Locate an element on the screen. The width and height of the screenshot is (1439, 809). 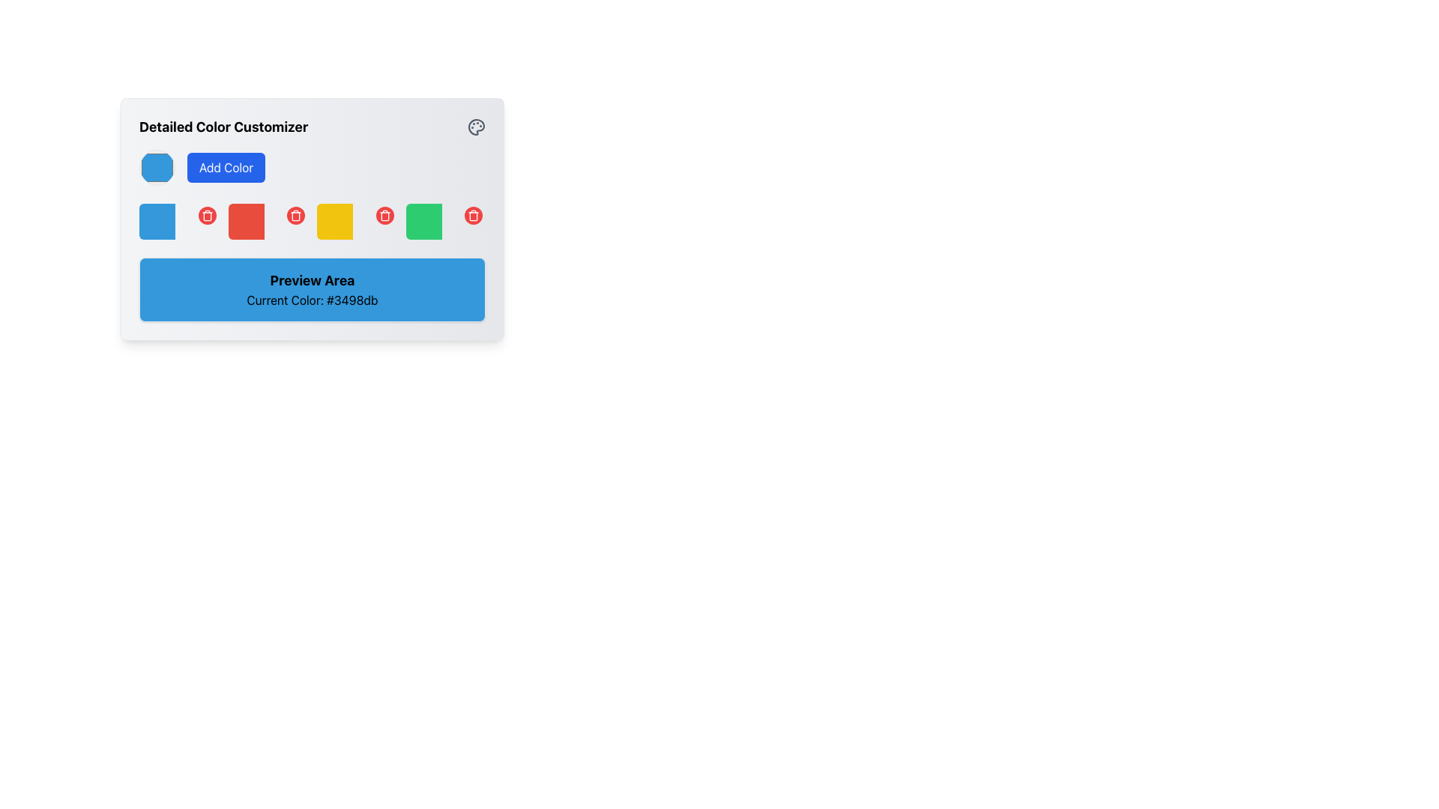
the small, circular red delete button with a white trash bin icon is located at coordinates (206, 216).